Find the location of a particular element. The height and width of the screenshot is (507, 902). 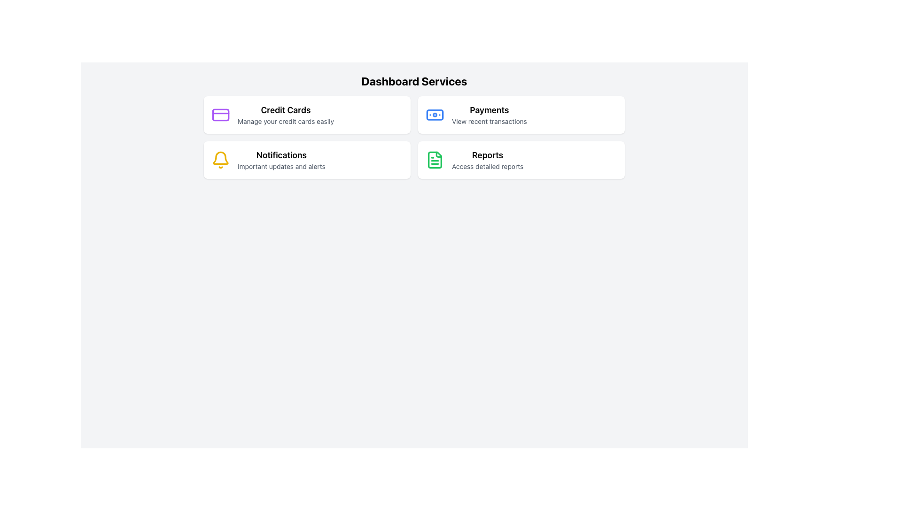

static text label that says 'Manage your credit cards easily', which is located under the bold title 'Credit Cards' in the left column of the grid layout is located at coordinates (285, 121).